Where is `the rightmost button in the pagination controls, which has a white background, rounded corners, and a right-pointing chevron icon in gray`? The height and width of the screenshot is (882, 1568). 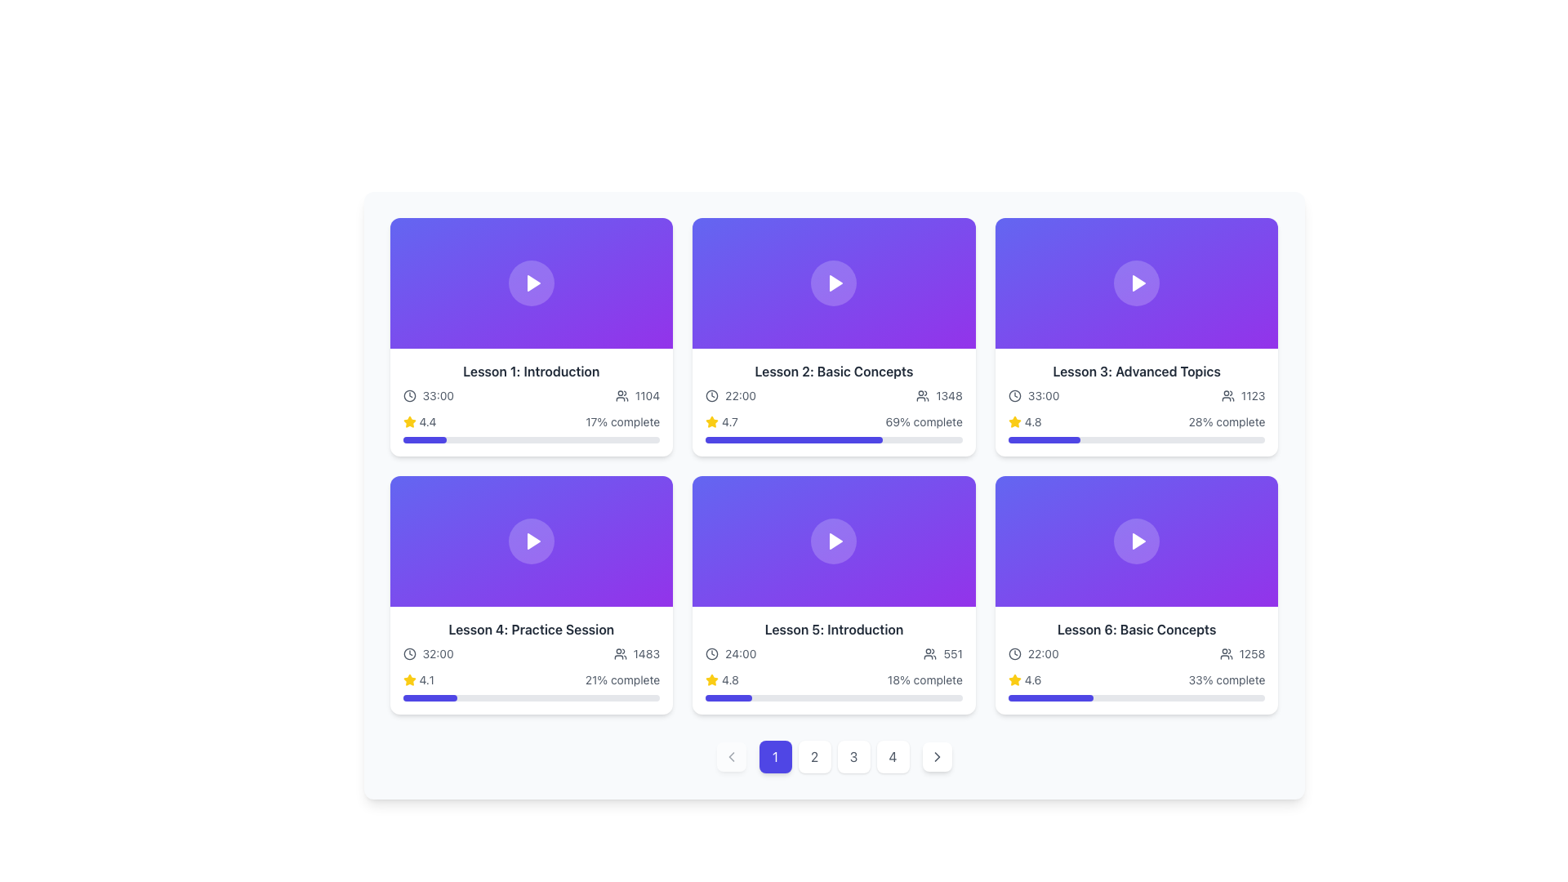
the rightmost button in the pagination controls, which has a white background, rounded corners, and a right-pointing chevron icon in gray is located at coordinates (937, 756).